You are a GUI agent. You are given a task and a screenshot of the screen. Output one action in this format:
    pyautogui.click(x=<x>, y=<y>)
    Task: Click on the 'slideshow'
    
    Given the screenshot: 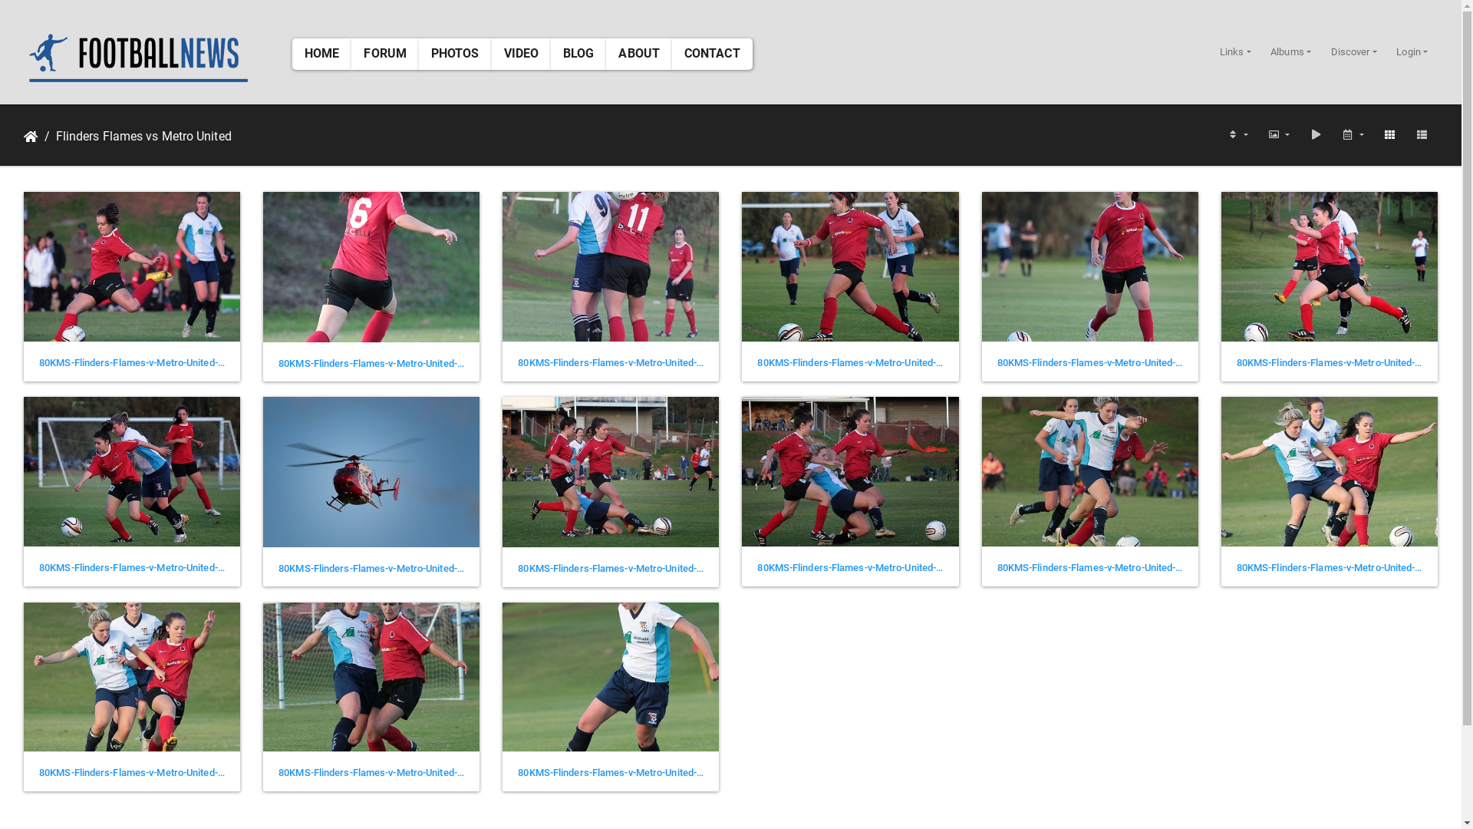 What is the action you would take?
    pyautogui.click(x=1314, y=134)
    